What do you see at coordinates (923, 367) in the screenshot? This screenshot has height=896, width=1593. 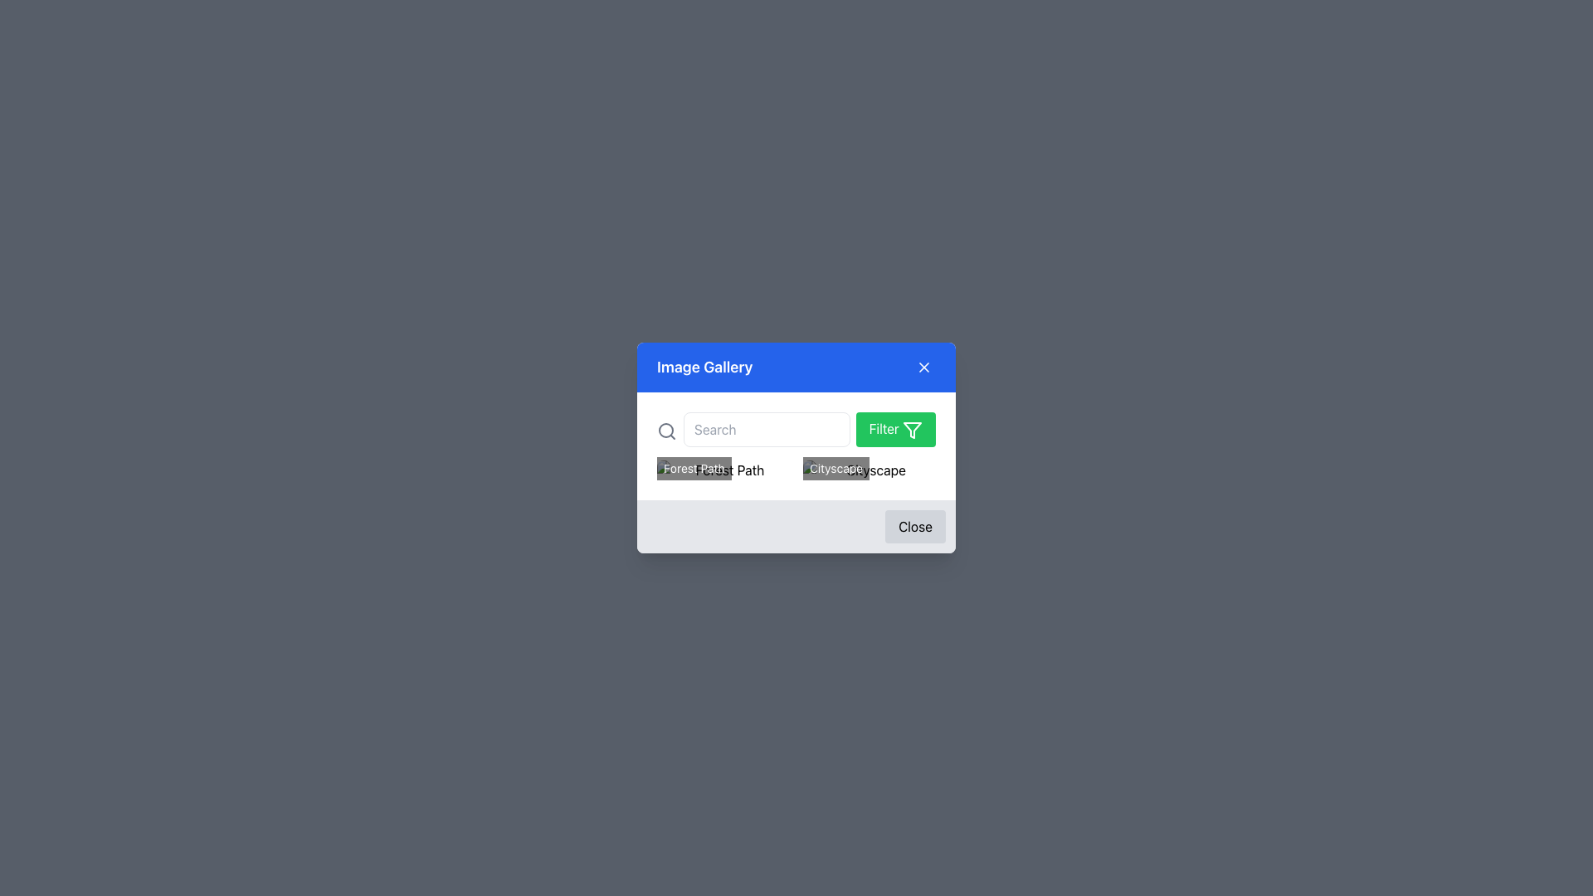 I see `the close button located at the top-right corner of the modal window containing the 'Image Gallery'` at bounding box center [923, 367].